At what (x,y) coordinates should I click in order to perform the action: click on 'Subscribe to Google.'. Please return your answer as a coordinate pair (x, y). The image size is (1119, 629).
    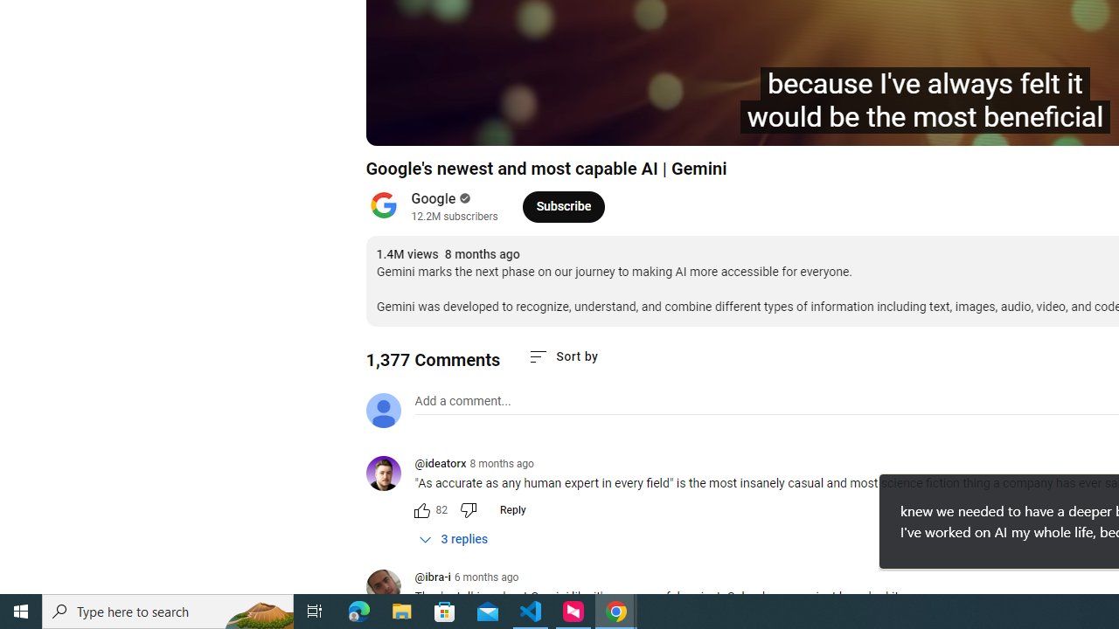
    Looking at the image, I should click on (563, 205).